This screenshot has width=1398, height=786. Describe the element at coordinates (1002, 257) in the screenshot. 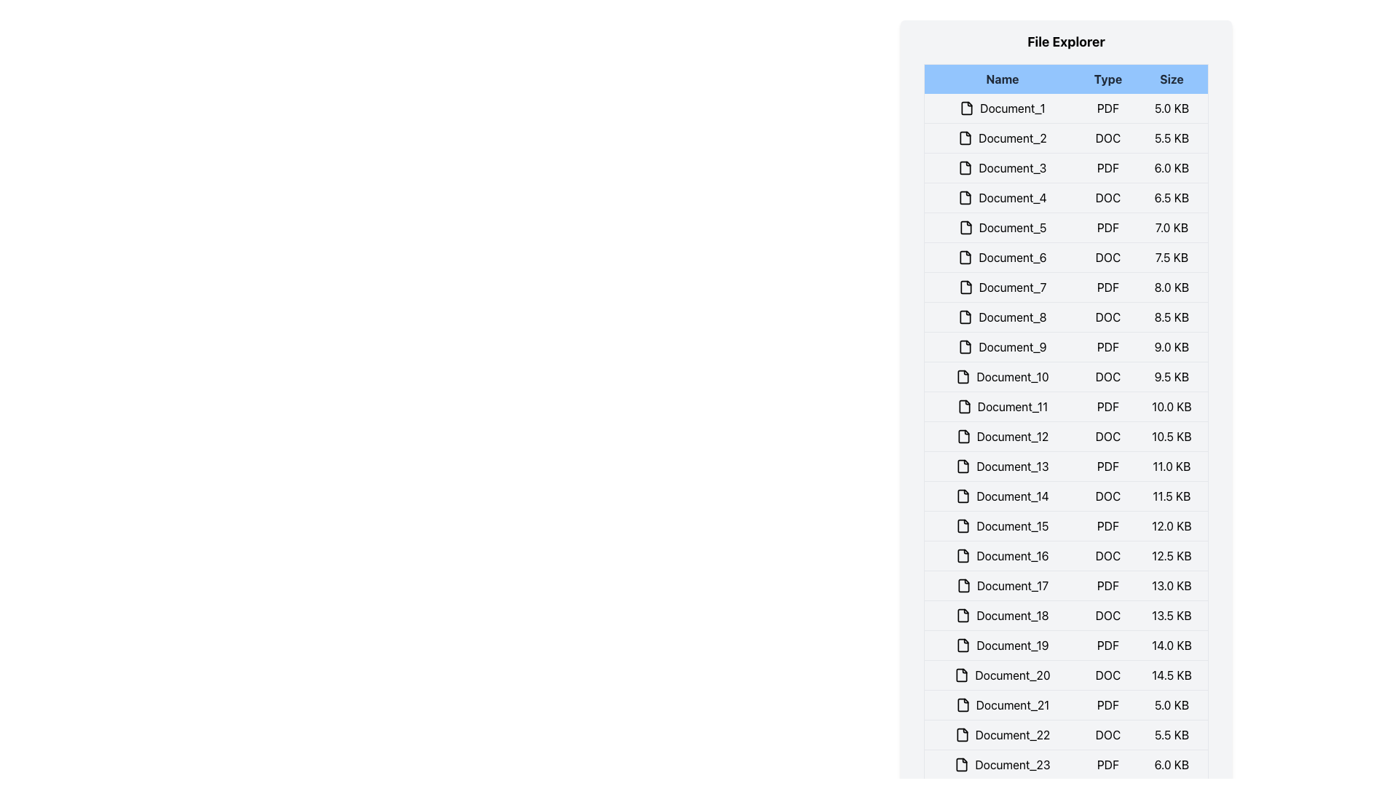

I see `the text label 'Document_6' in the file explorer` at that location.